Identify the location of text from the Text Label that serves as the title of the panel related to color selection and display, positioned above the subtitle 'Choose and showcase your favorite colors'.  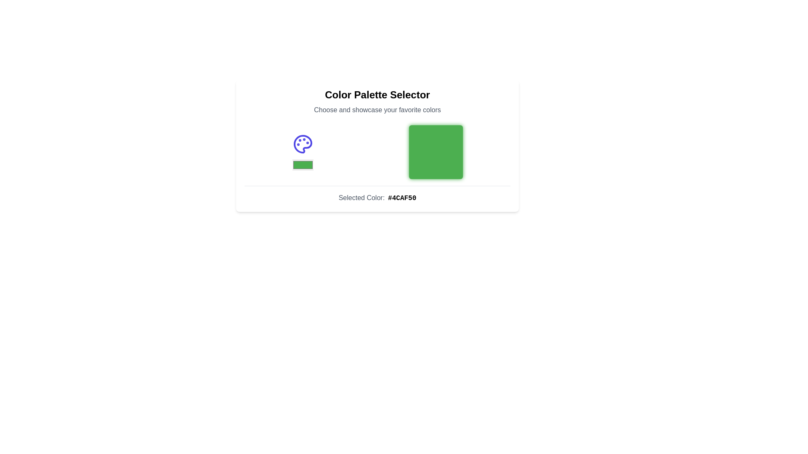
(377, 95).